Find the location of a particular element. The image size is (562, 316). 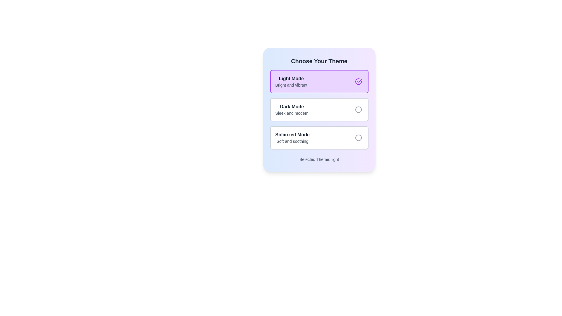

the 'Solarized Mode' option card, which is the third option in the theme selection list is located at coordinates (319, 138).